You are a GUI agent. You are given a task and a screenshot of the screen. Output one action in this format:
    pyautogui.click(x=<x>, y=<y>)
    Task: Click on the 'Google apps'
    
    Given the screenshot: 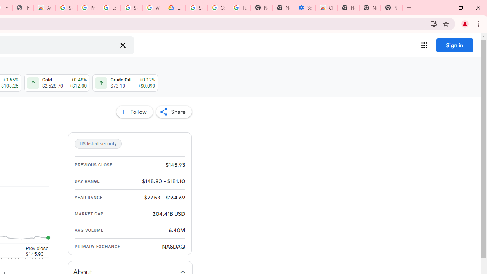 What is the action you would take?
    pyautogui.click(x=423, y=45)
    